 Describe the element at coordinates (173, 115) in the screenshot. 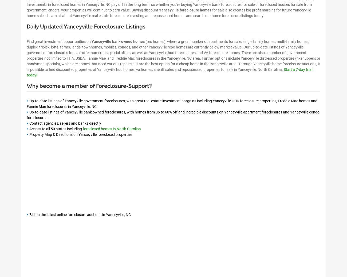

I see `'Up-to-date listings of Yanceyville bank owned foreclosures, with homes from up to 60% off and incredible discounts on Yanceyville apartment foreclosures and Yanceyville condo foreclosures'` at that location.